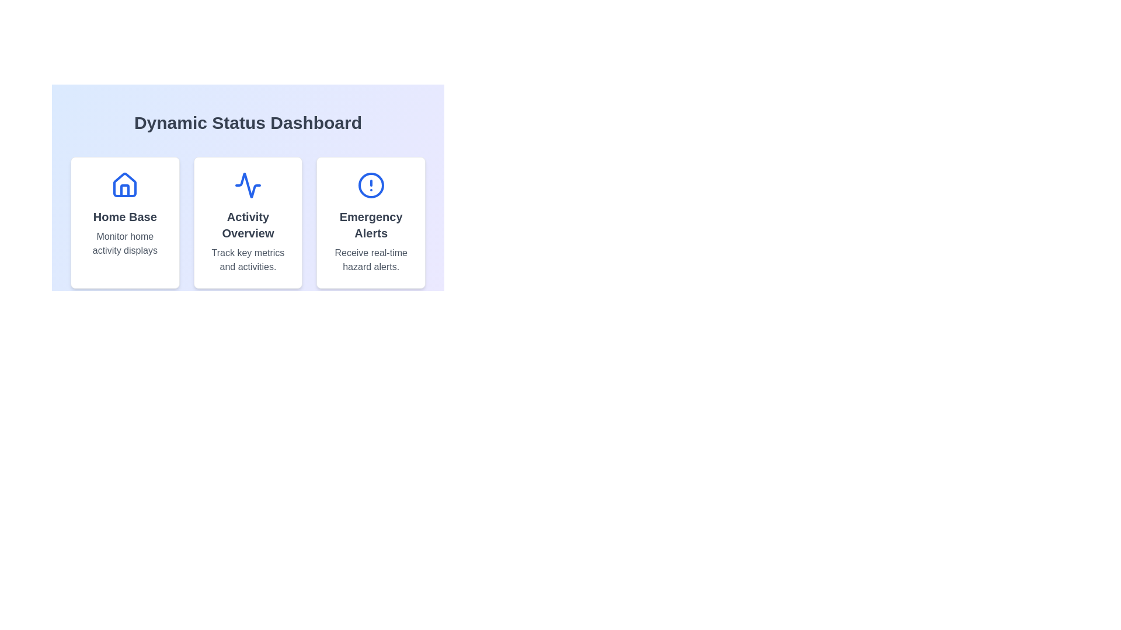  Describe the element at coordinates (247, 222) in the screenshot. I see `the middle card in the grid layout` at that location.